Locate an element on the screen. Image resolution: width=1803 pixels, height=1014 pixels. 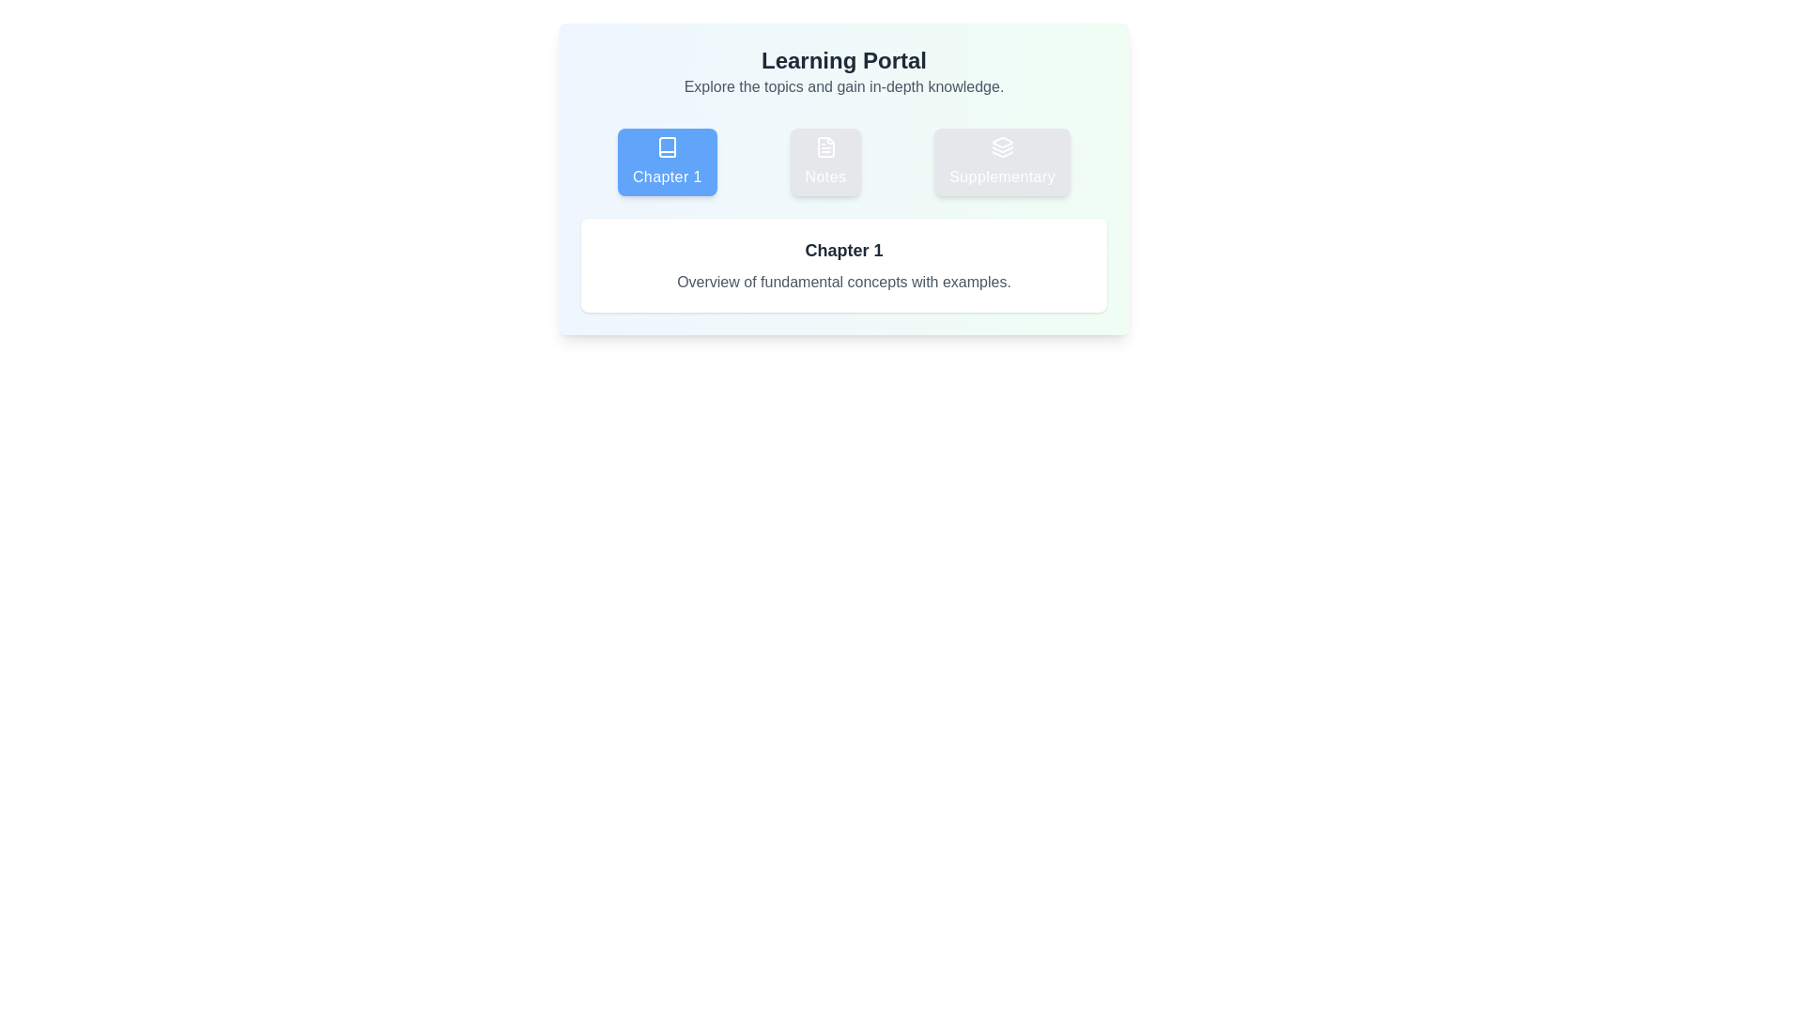
the icon that visually represents the 'Chapter 1' label, located at the top center of the 'Chapter 1' button in the Learning Portal section is located at coordinates (667, 146).